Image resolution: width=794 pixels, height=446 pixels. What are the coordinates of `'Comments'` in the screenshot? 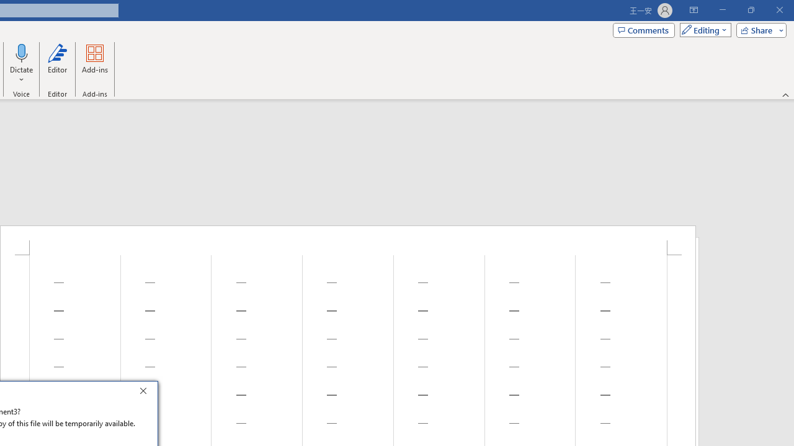 It's located at (644, 29).